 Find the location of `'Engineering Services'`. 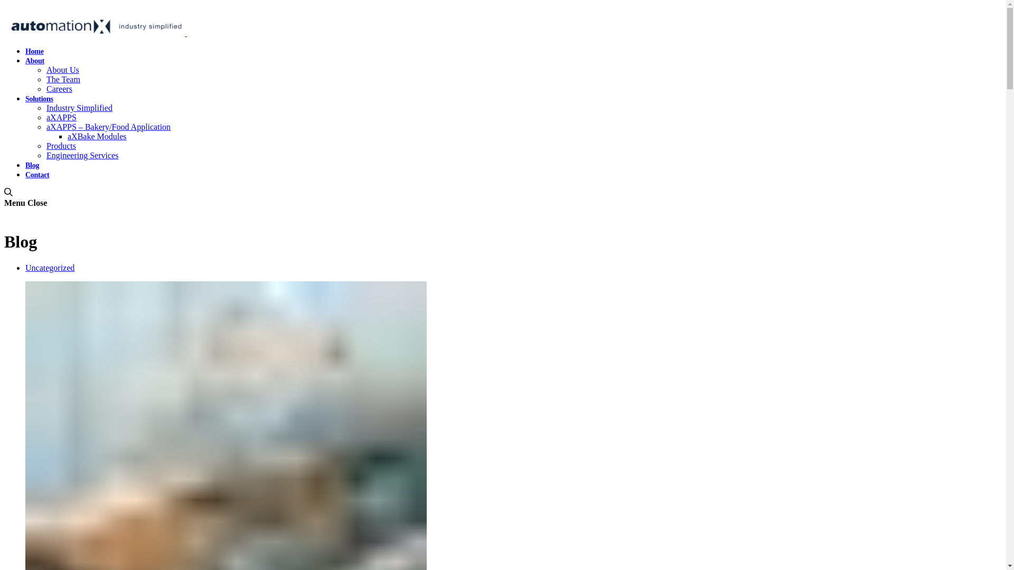

'Engineering Services' is located at coordinates (82, 155).